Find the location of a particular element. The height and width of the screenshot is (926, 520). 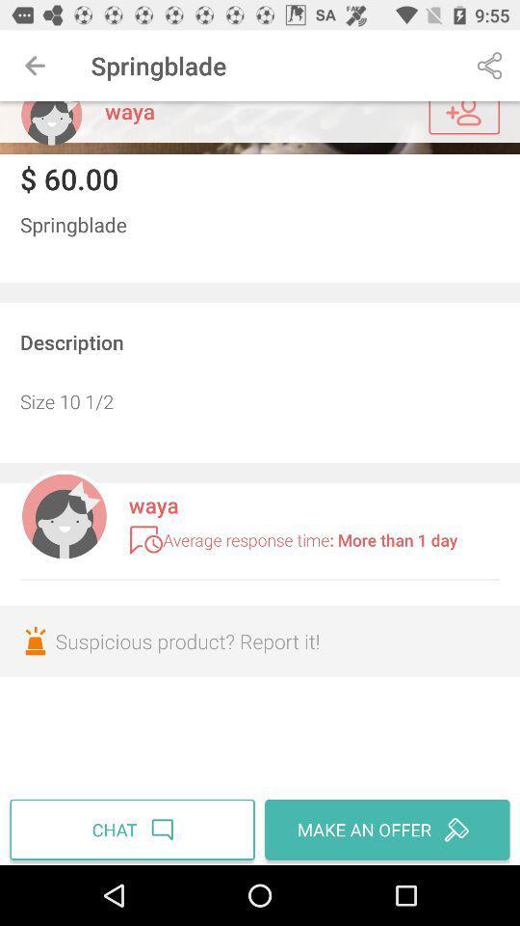

chat at the bottom left corner is located at coordinates (134, 829).